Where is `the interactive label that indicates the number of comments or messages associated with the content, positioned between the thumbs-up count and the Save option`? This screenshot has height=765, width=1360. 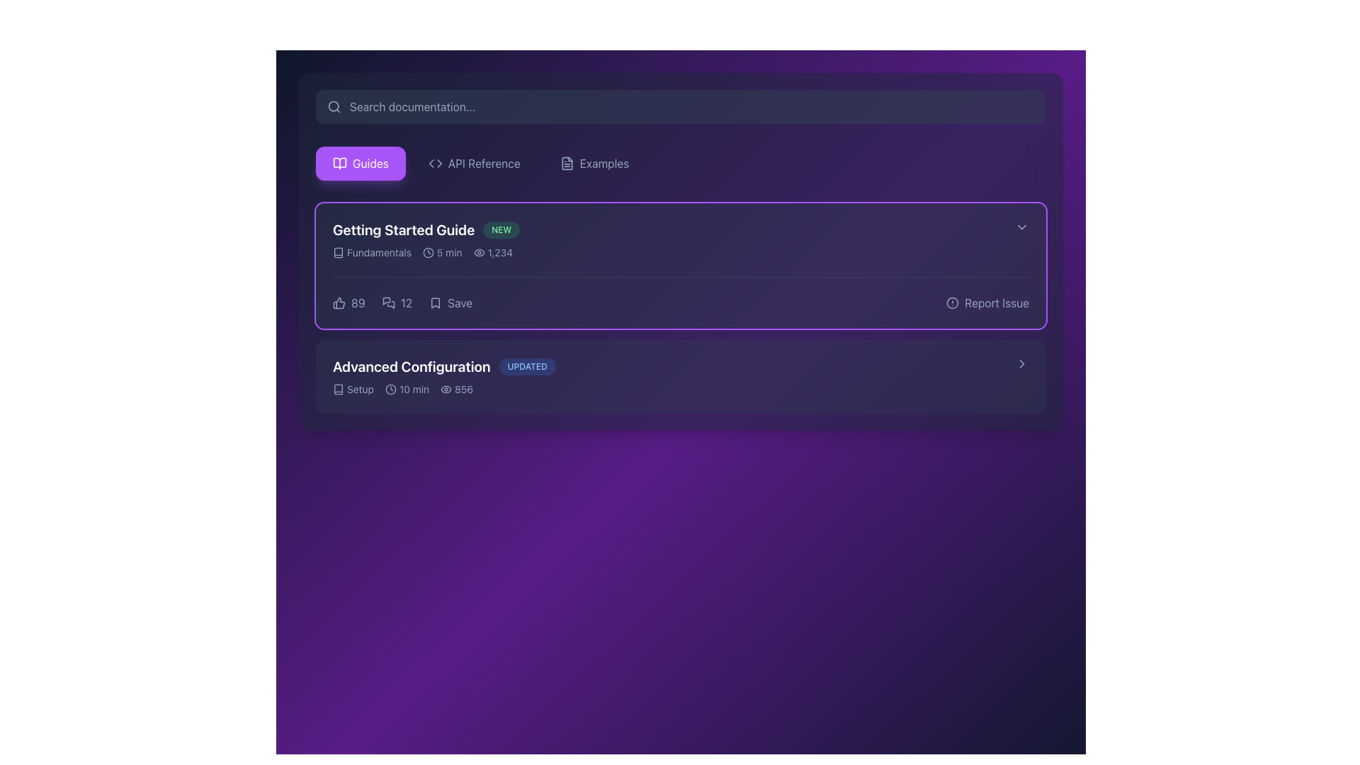
the interactive label that indicates the number of comments or messages associated with the content, positioned between the thumbs-up count and the Save option is located at coordinates (397, 302).